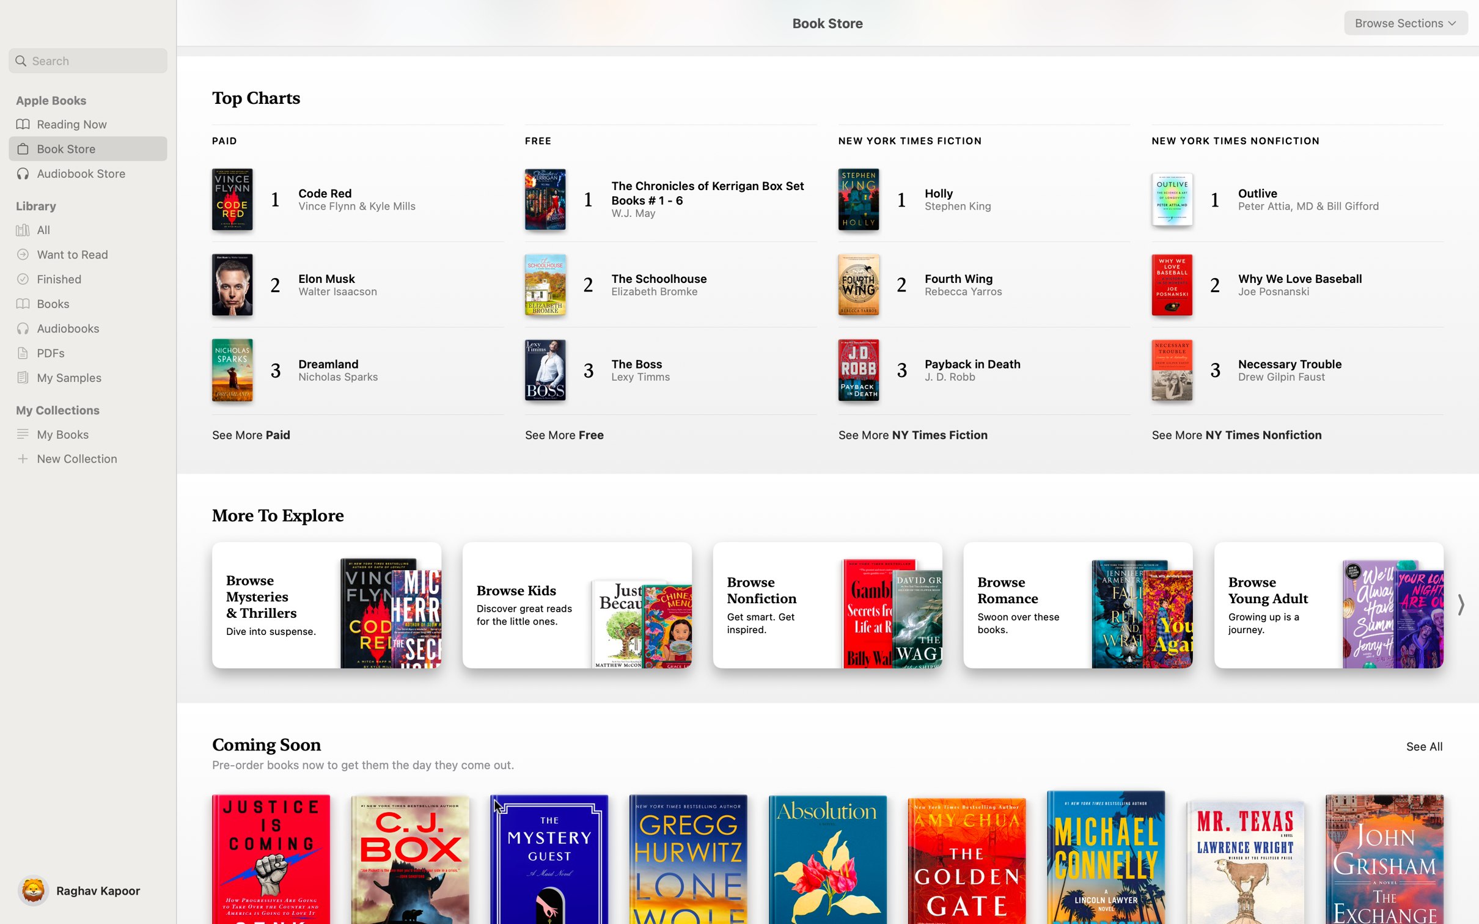 This screenshot has height=924, width=1479. I want to click on Browse Sci-fi books from top right dropdown, so click(1406, 23).